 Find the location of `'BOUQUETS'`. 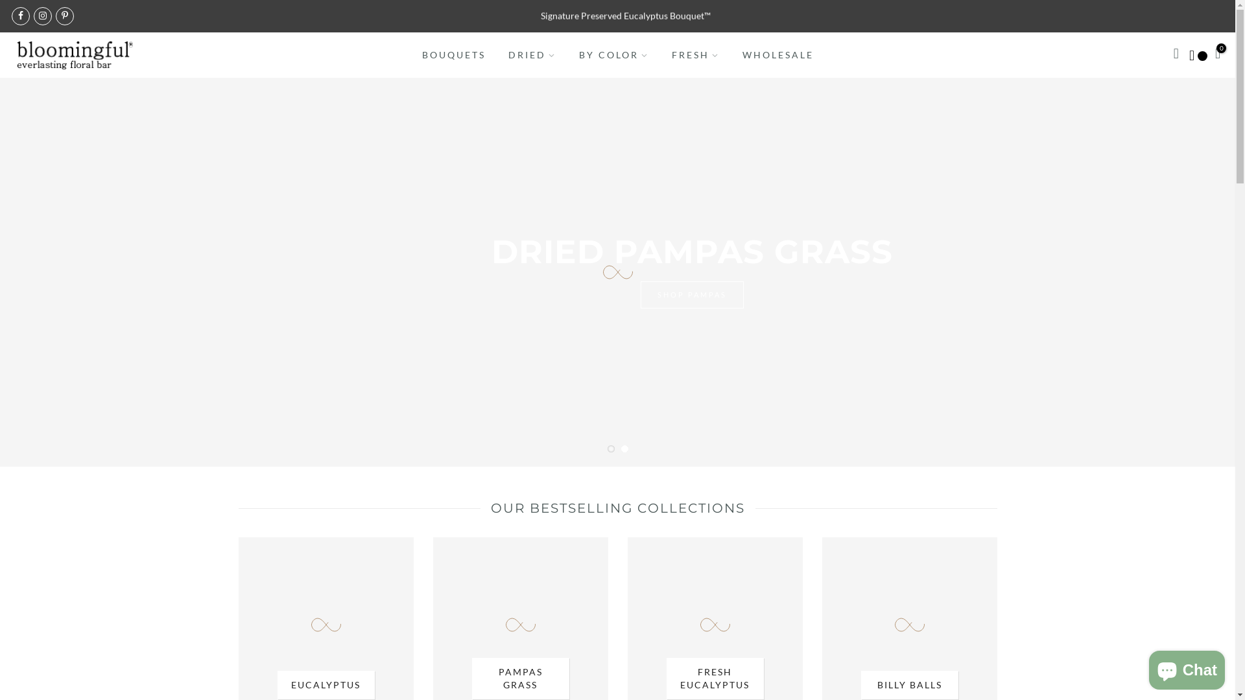

'BOUQUETS' is located at coordinates (453, 54).